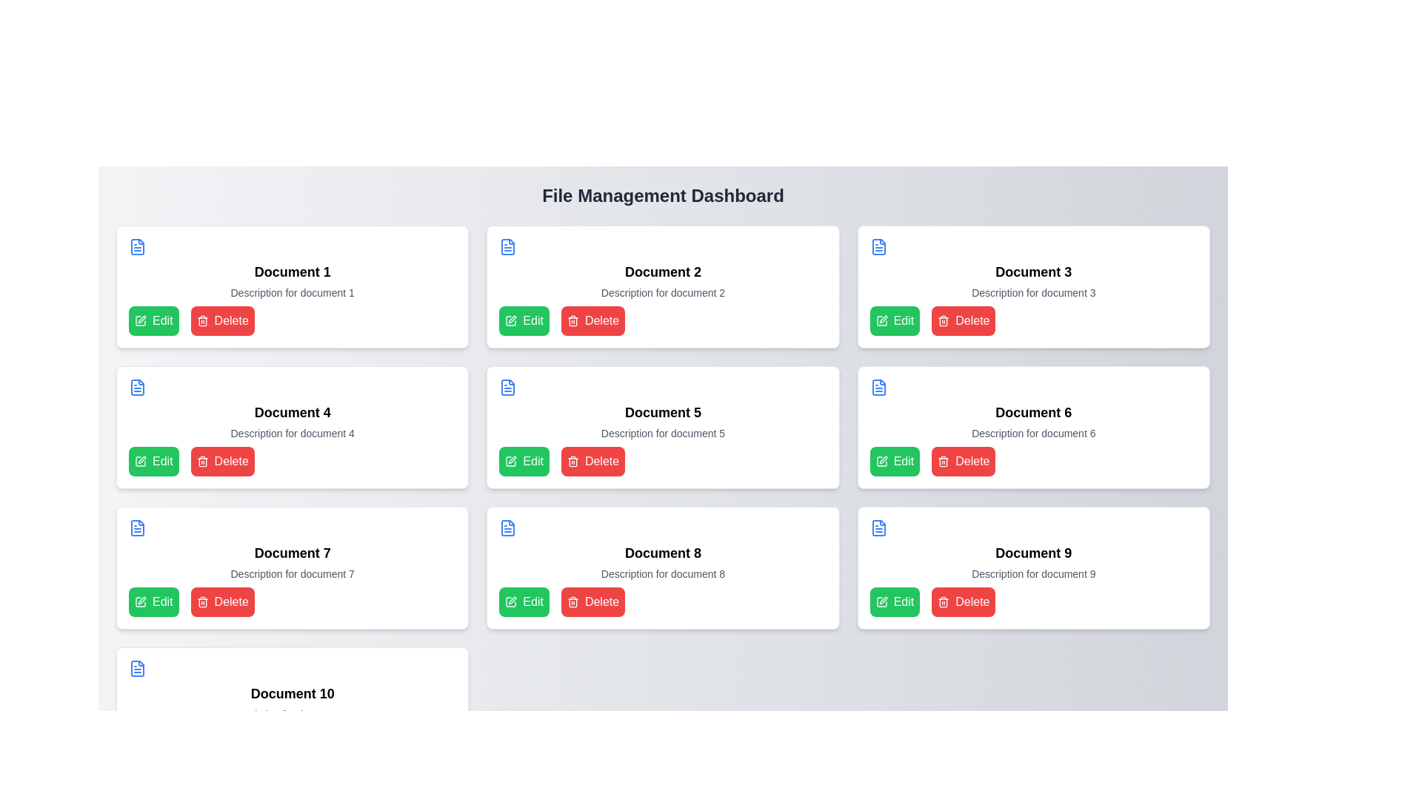  Describe the element at coordinates (221, 461) in the screenshot. I see `the red 'Delete' button with rounded edges containing white text for keyboard interaction` at that location.